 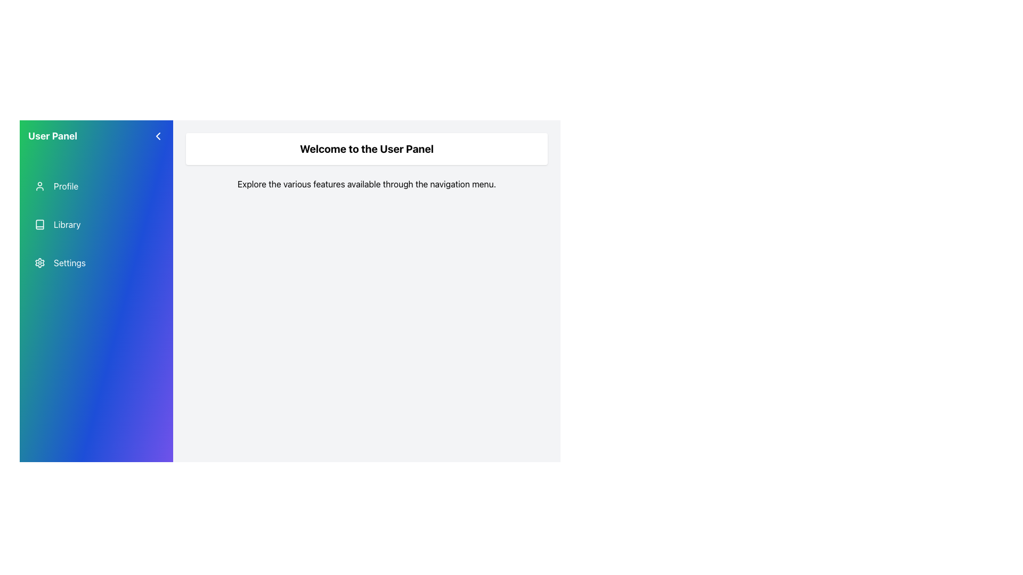 What do you see at coordinates (158, 135) in the screenshot?
I see `the navigation control icon located in the top-left corner of the sidebar` at bounding box center [158, 135].